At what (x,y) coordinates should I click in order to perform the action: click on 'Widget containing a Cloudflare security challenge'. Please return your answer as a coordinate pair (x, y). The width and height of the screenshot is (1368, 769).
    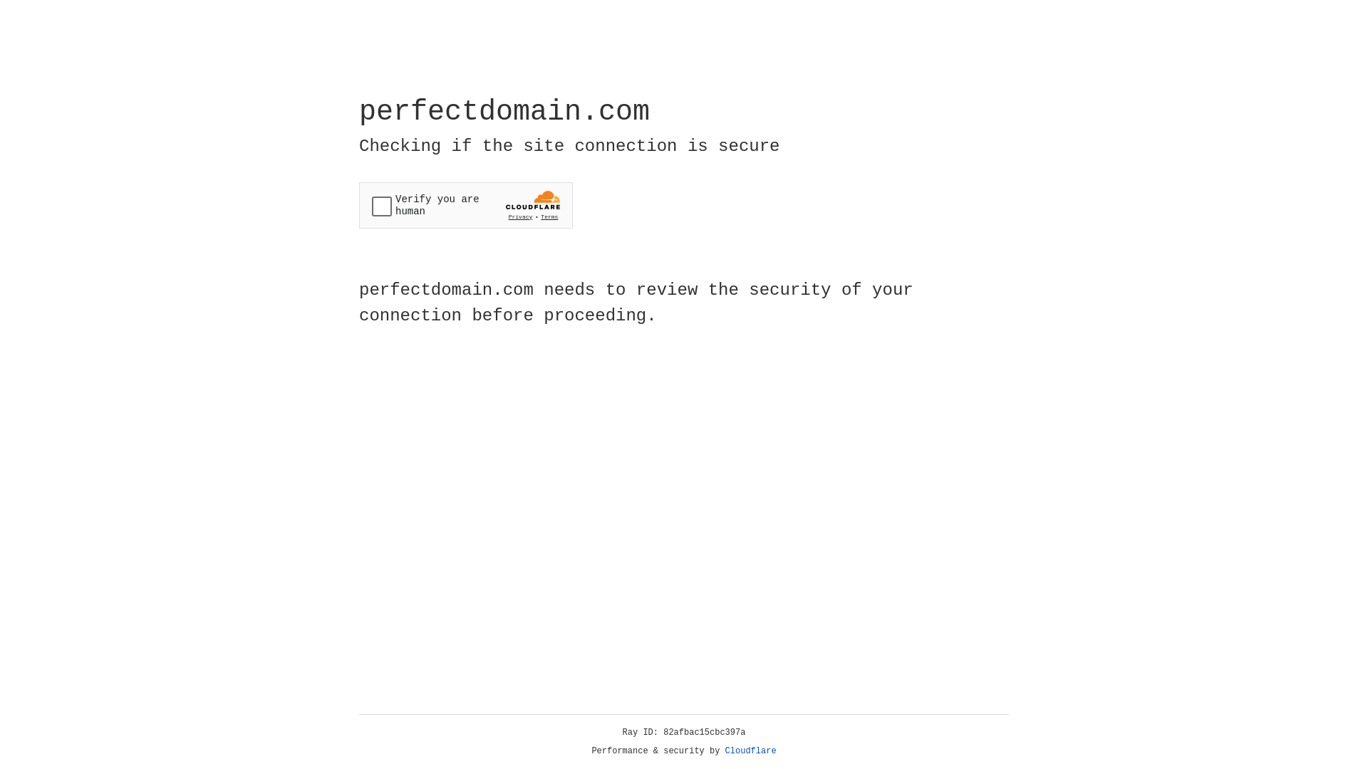
    Looking at the image, I should click on (465, 205).